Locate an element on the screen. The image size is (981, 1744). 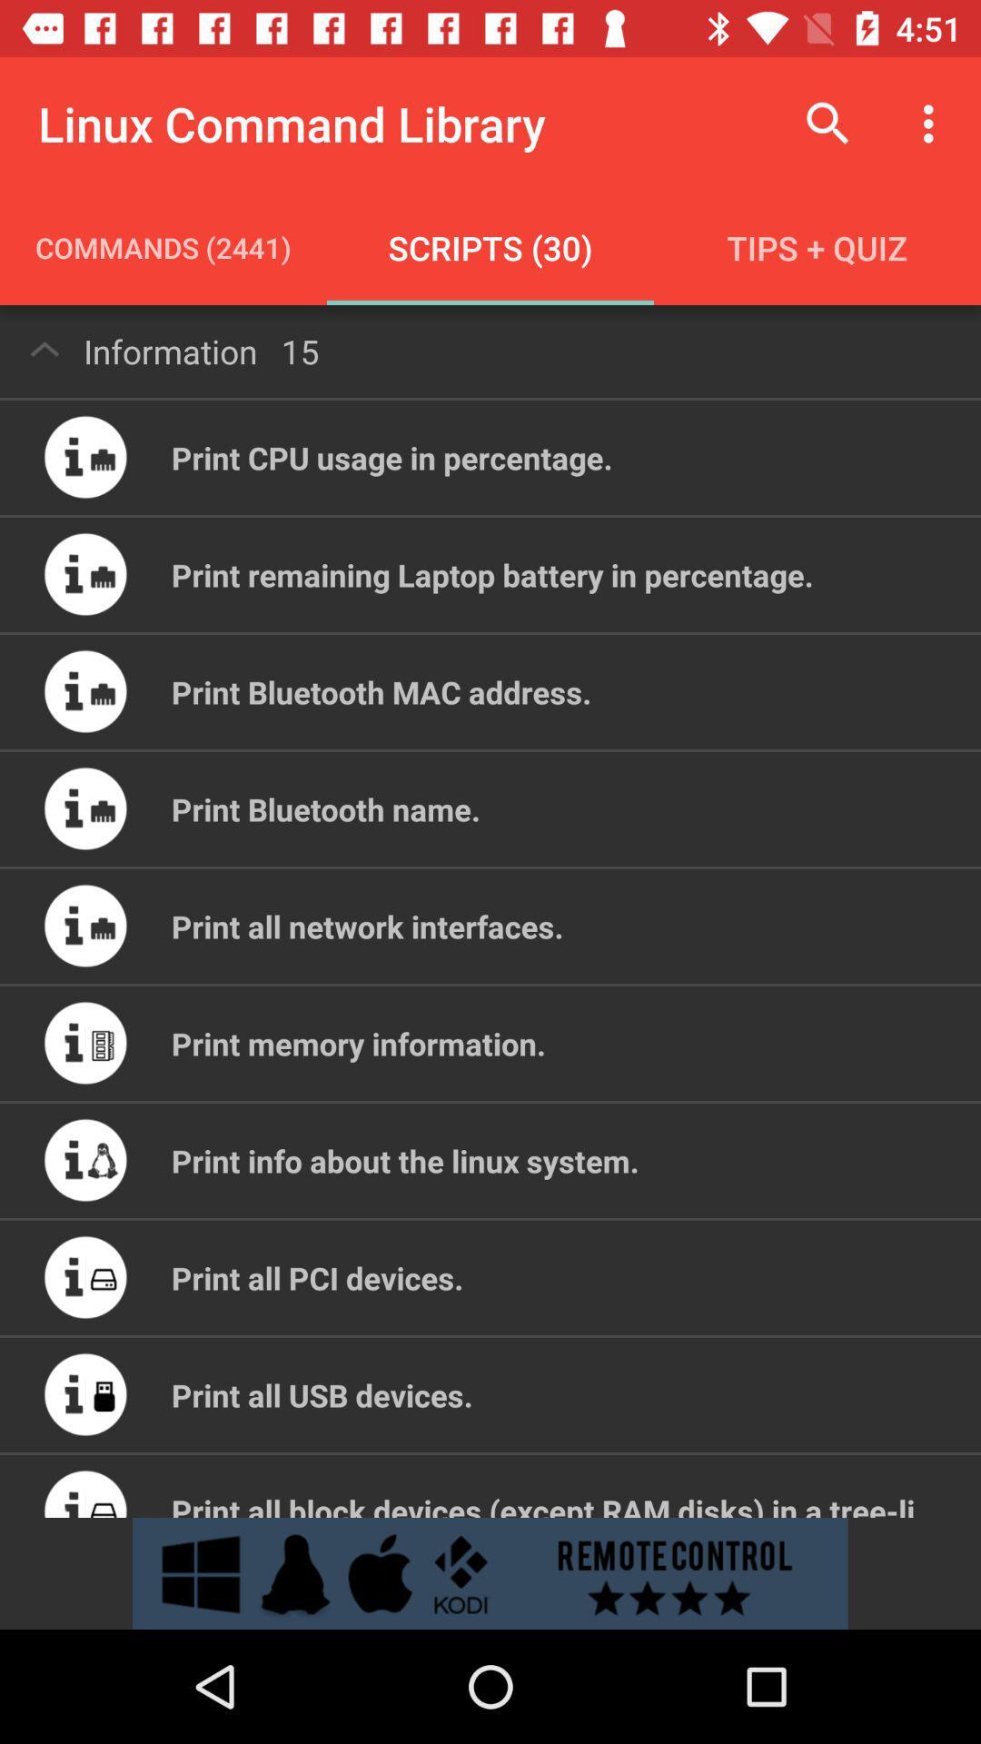
the item next to linux command library icon is located at coordinates (827, 123).